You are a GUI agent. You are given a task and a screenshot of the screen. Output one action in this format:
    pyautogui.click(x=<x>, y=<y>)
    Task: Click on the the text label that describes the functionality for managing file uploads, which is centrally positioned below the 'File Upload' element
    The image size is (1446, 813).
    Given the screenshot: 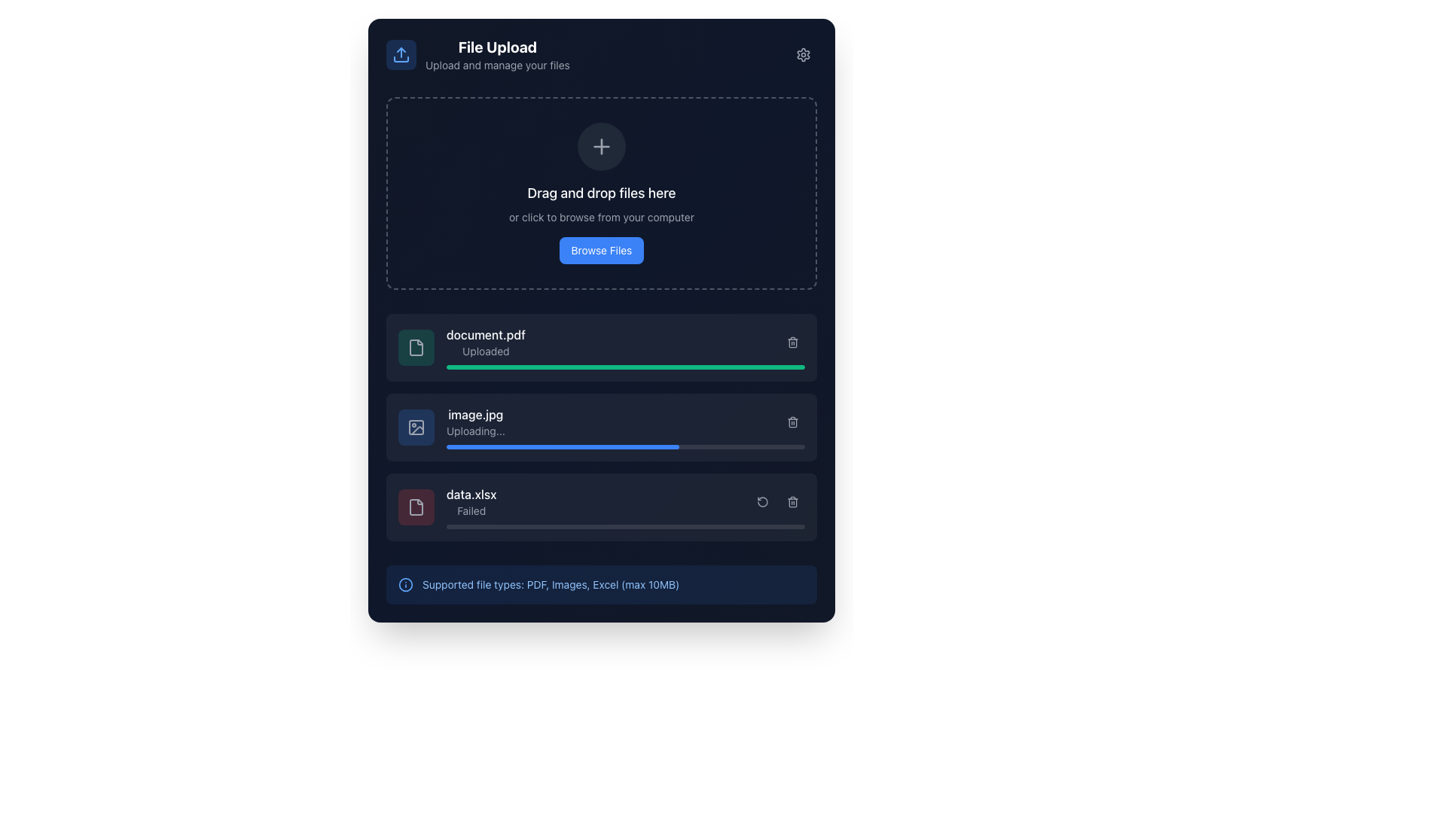 What is the action you would take?
    pyautogui.click(x=497, y=65)
    